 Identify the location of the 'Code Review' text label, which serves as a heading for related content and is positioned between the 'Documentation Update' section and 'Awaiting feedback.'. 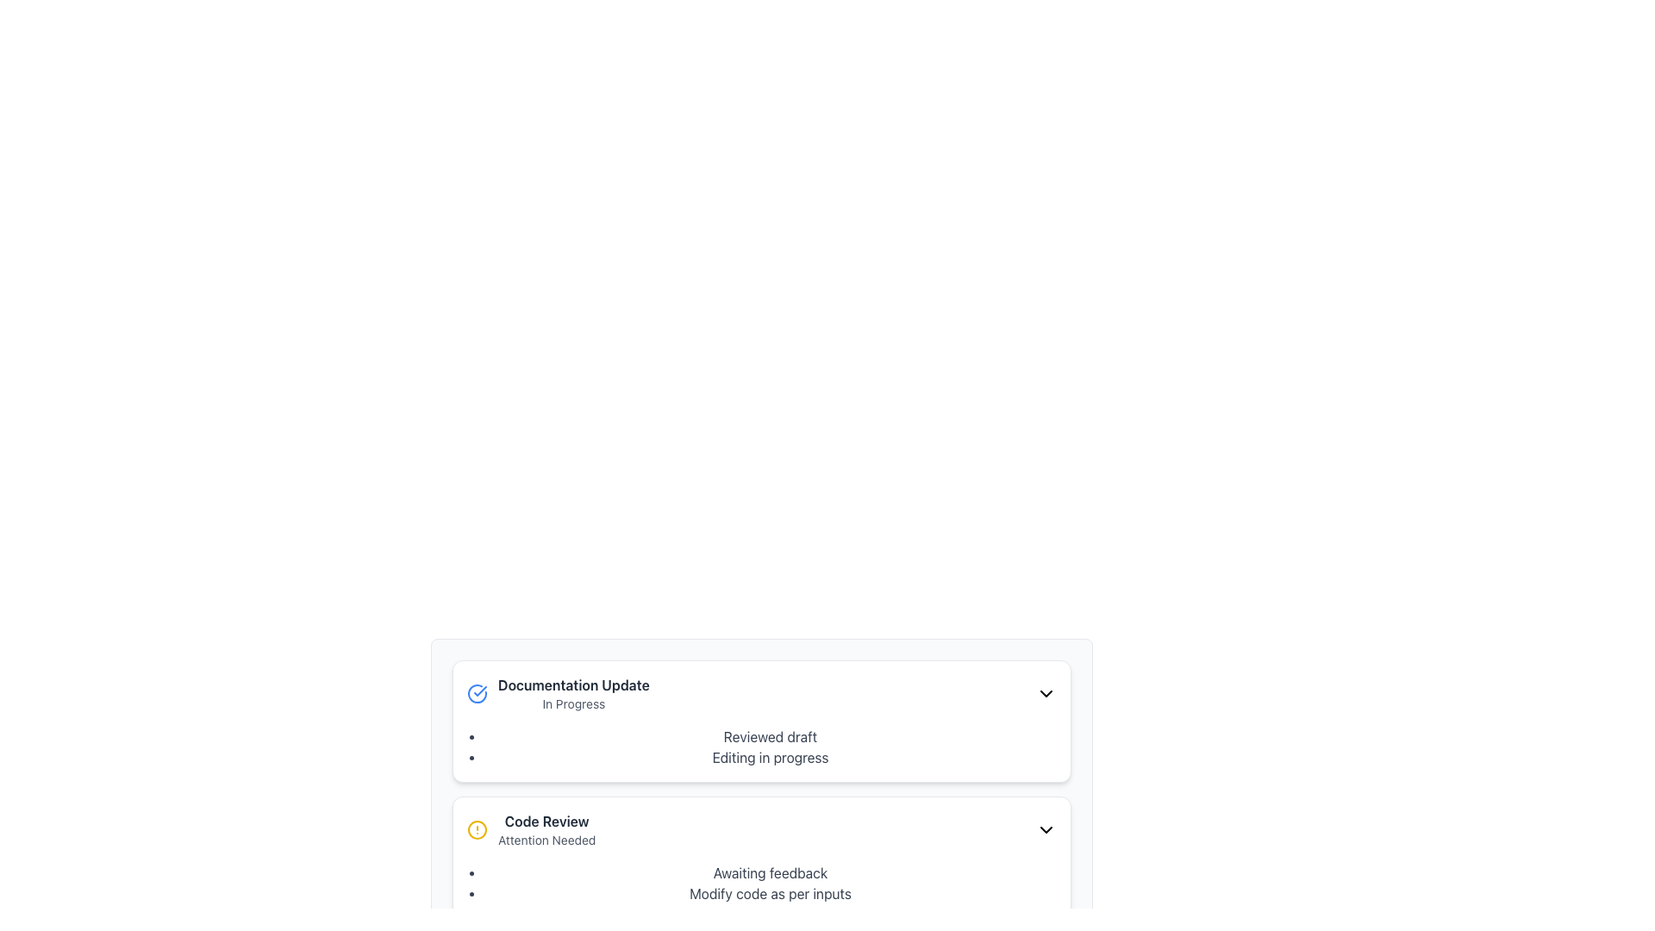
(546, 820).